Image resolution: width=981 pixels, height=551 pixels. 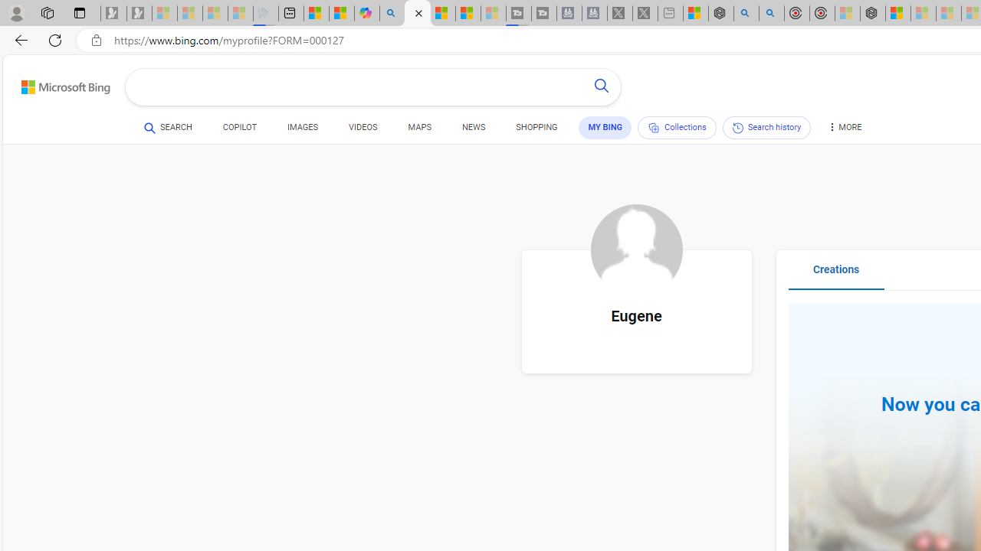 I want to click on 'MY BING', so click(x=604, y=127).